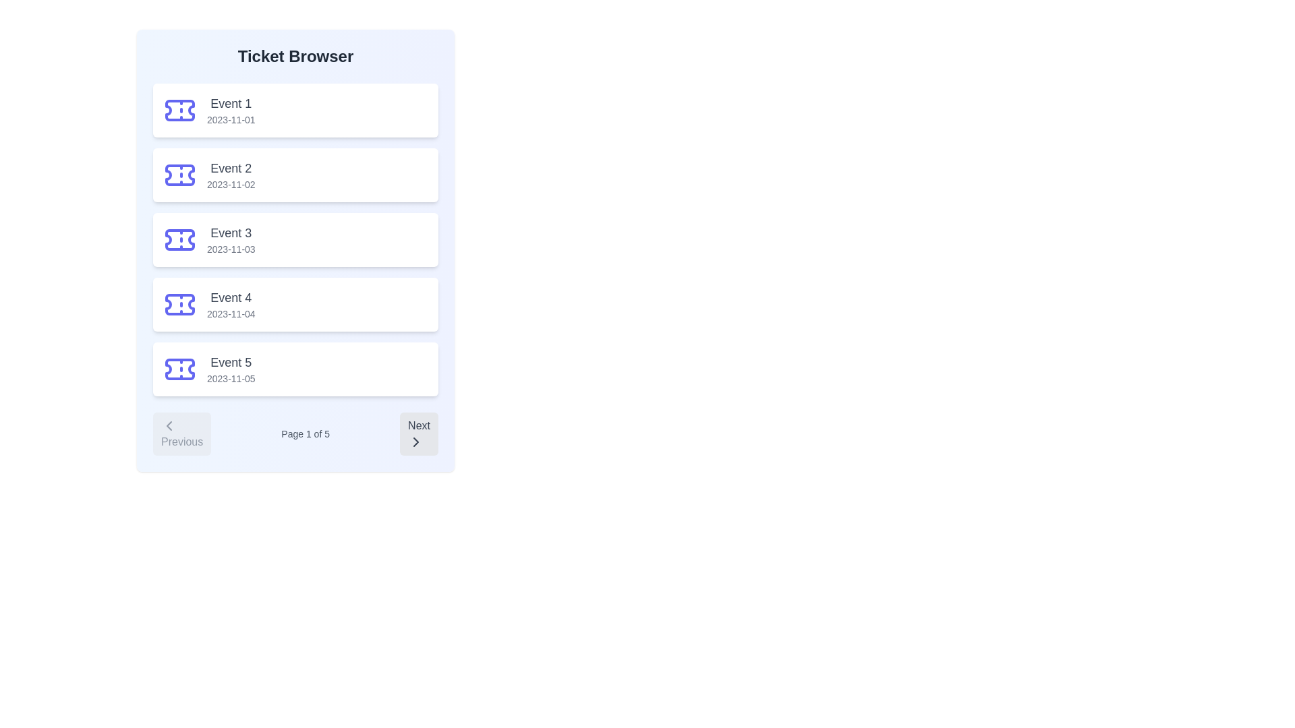 Image resolution: width=1295 pixels, height=728 pixels. Describe the element at coordinates (179, 174) in the screenshot. I see `the ticket icon, which is an SVG graphic with a purple hue located at the left side of the 'Event 2' listing` at that location.